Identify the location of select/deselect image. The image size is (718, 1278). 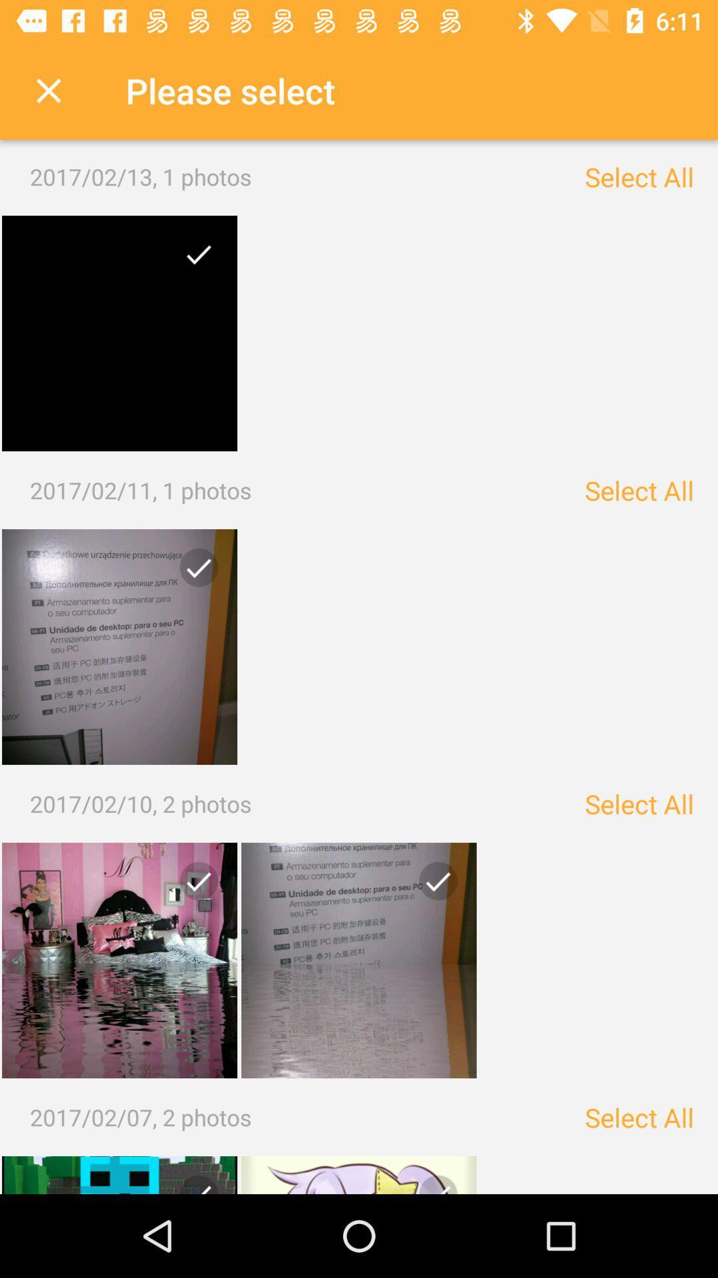
(120, 646).